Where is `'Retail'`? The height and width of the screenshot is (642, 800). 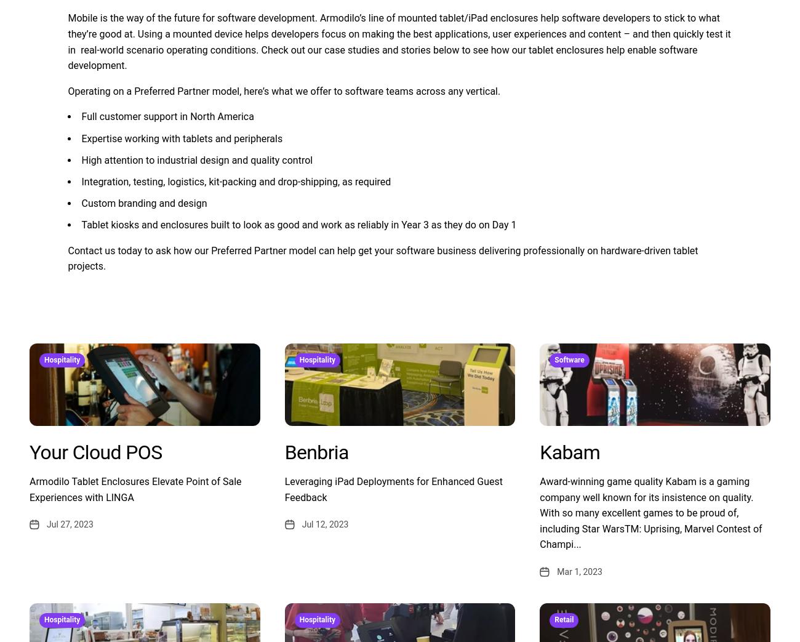
'Retail' is located at coordinates (554, 620).